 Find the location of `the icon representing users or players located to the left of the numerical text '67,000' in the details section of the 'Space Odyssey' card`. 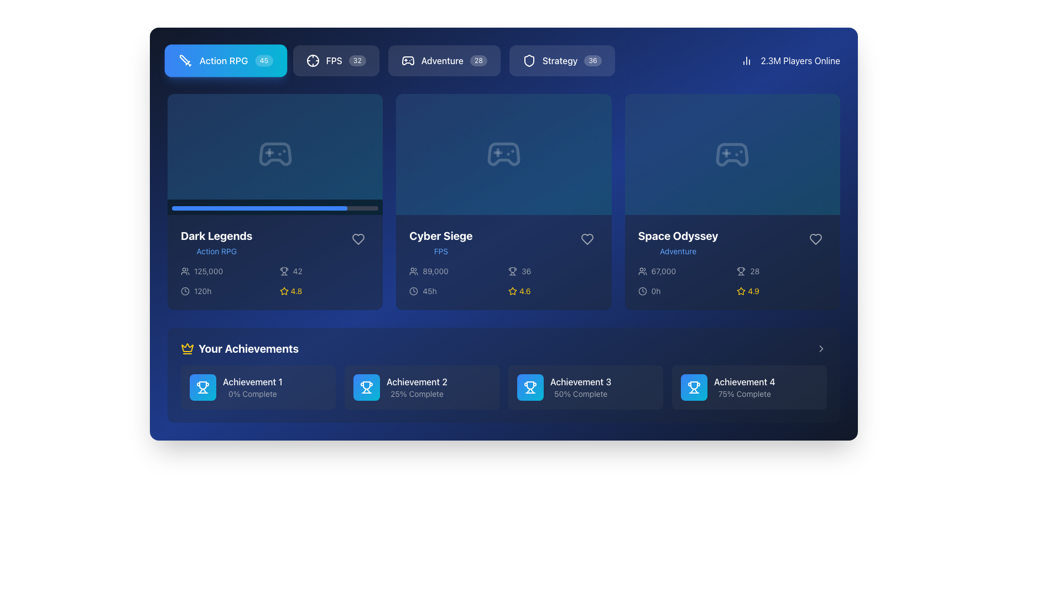

the icon representing users or players located to the left of the numerical text '67,000' in the details section of the 'Space Odyssey' card is located at coordinates (642, 271).